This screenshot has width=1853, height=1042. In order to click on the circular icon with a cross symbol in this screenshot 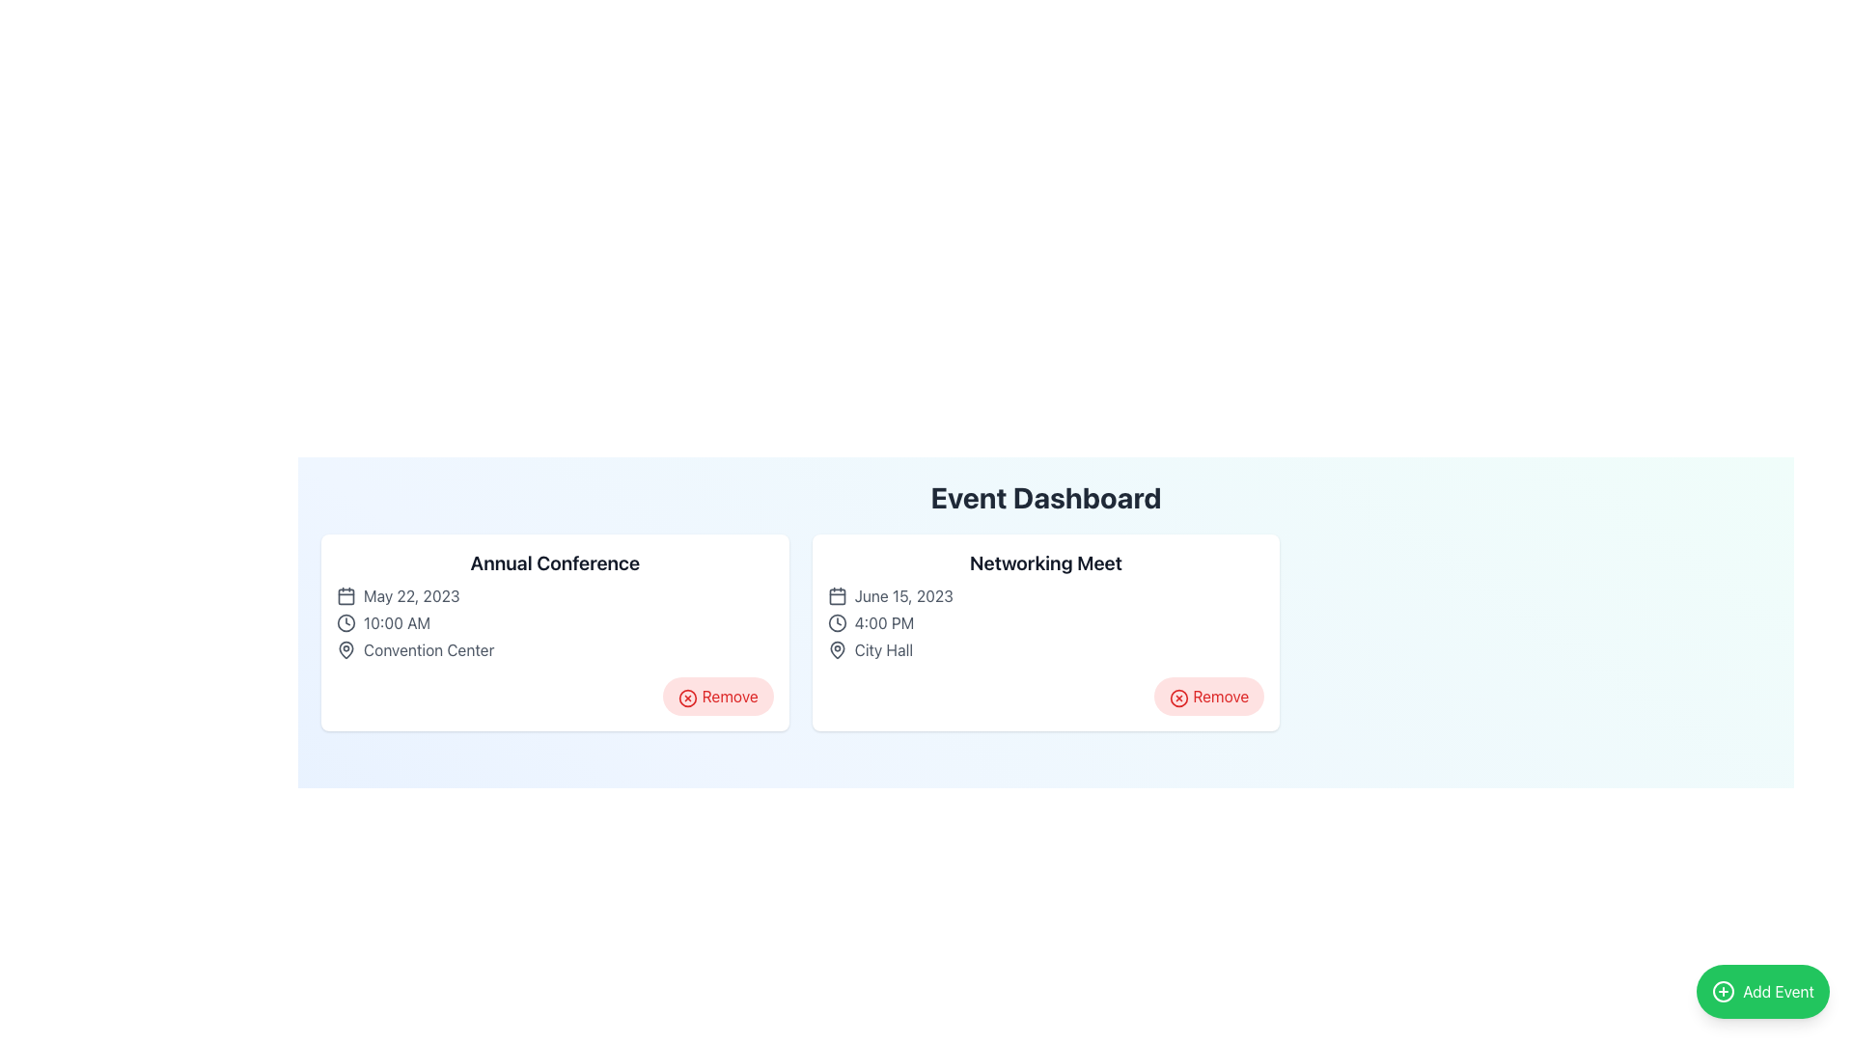, I will do `click(688, 698)`.